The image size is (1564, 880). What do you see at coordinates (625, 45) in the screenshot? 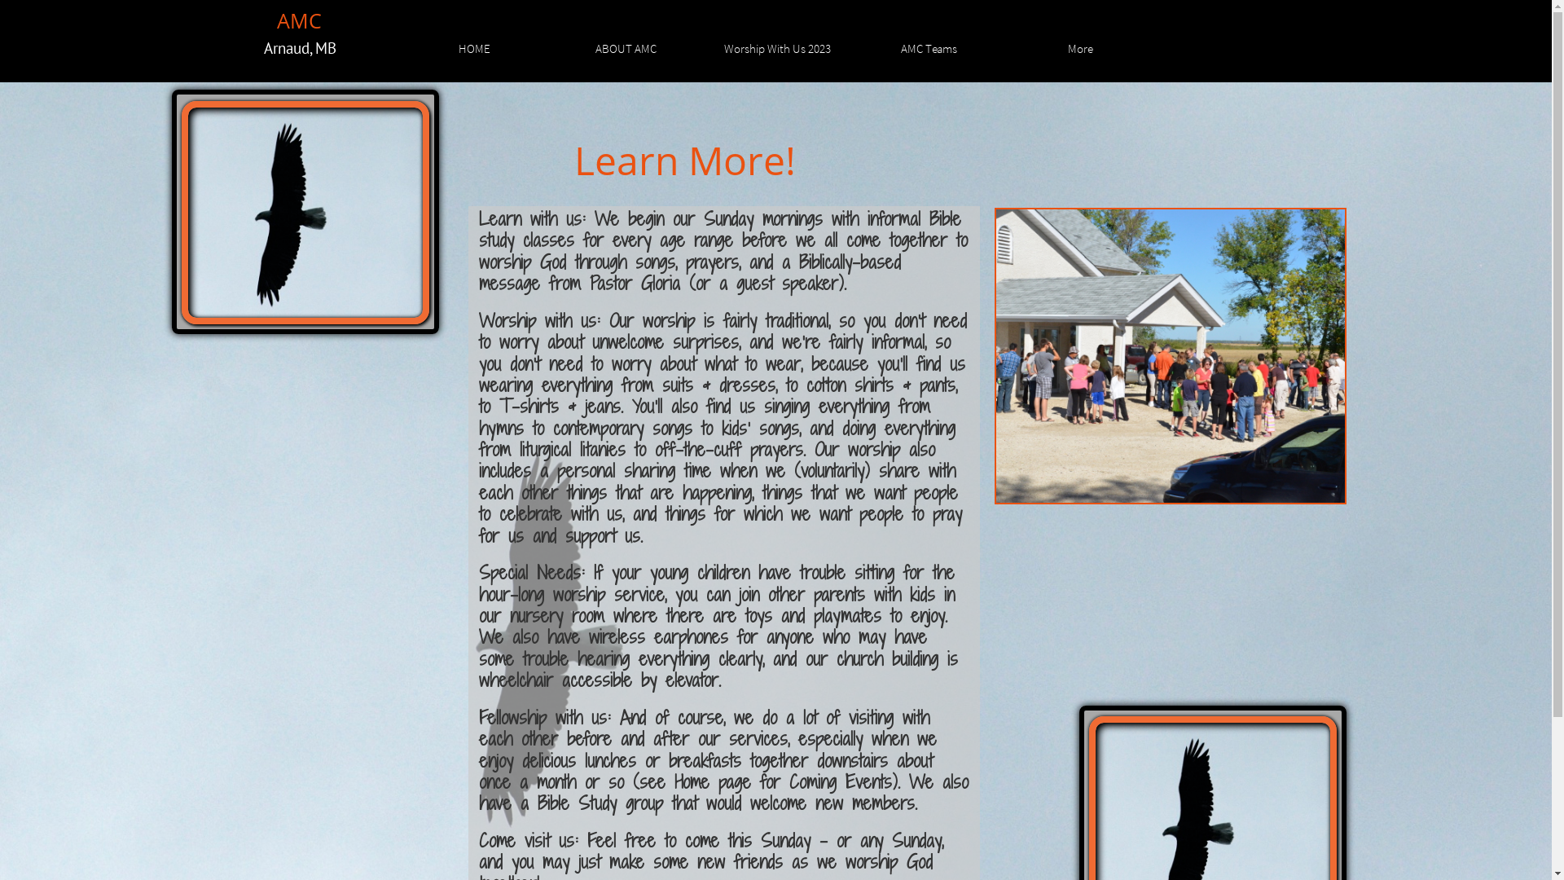
I see `'ABOUT AMC'` at bounding box center [625, 45].